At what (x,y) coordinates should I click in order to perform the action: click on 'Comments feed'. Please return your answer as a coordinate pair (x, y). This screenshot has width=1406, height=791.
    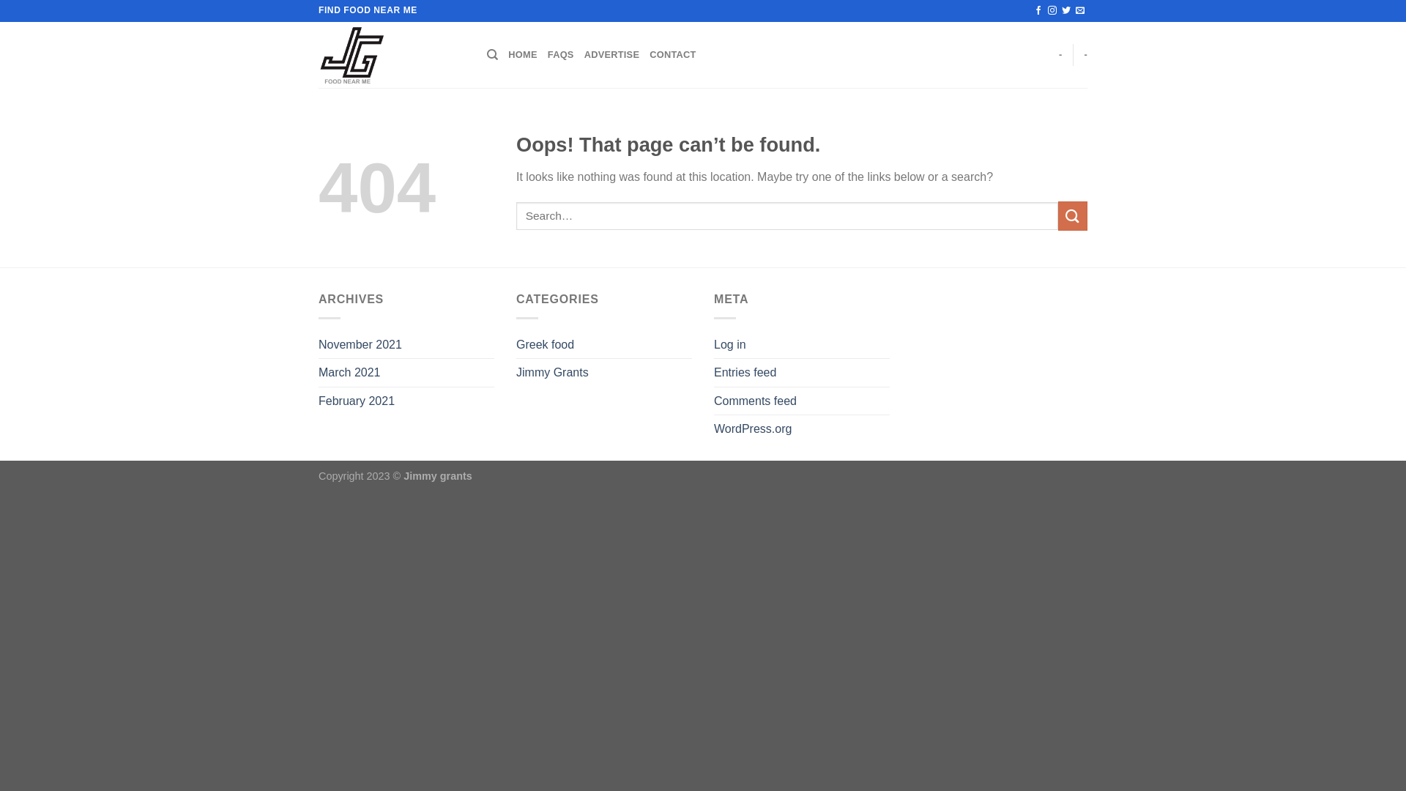
    Looking at the image, I should click on (713, 401).